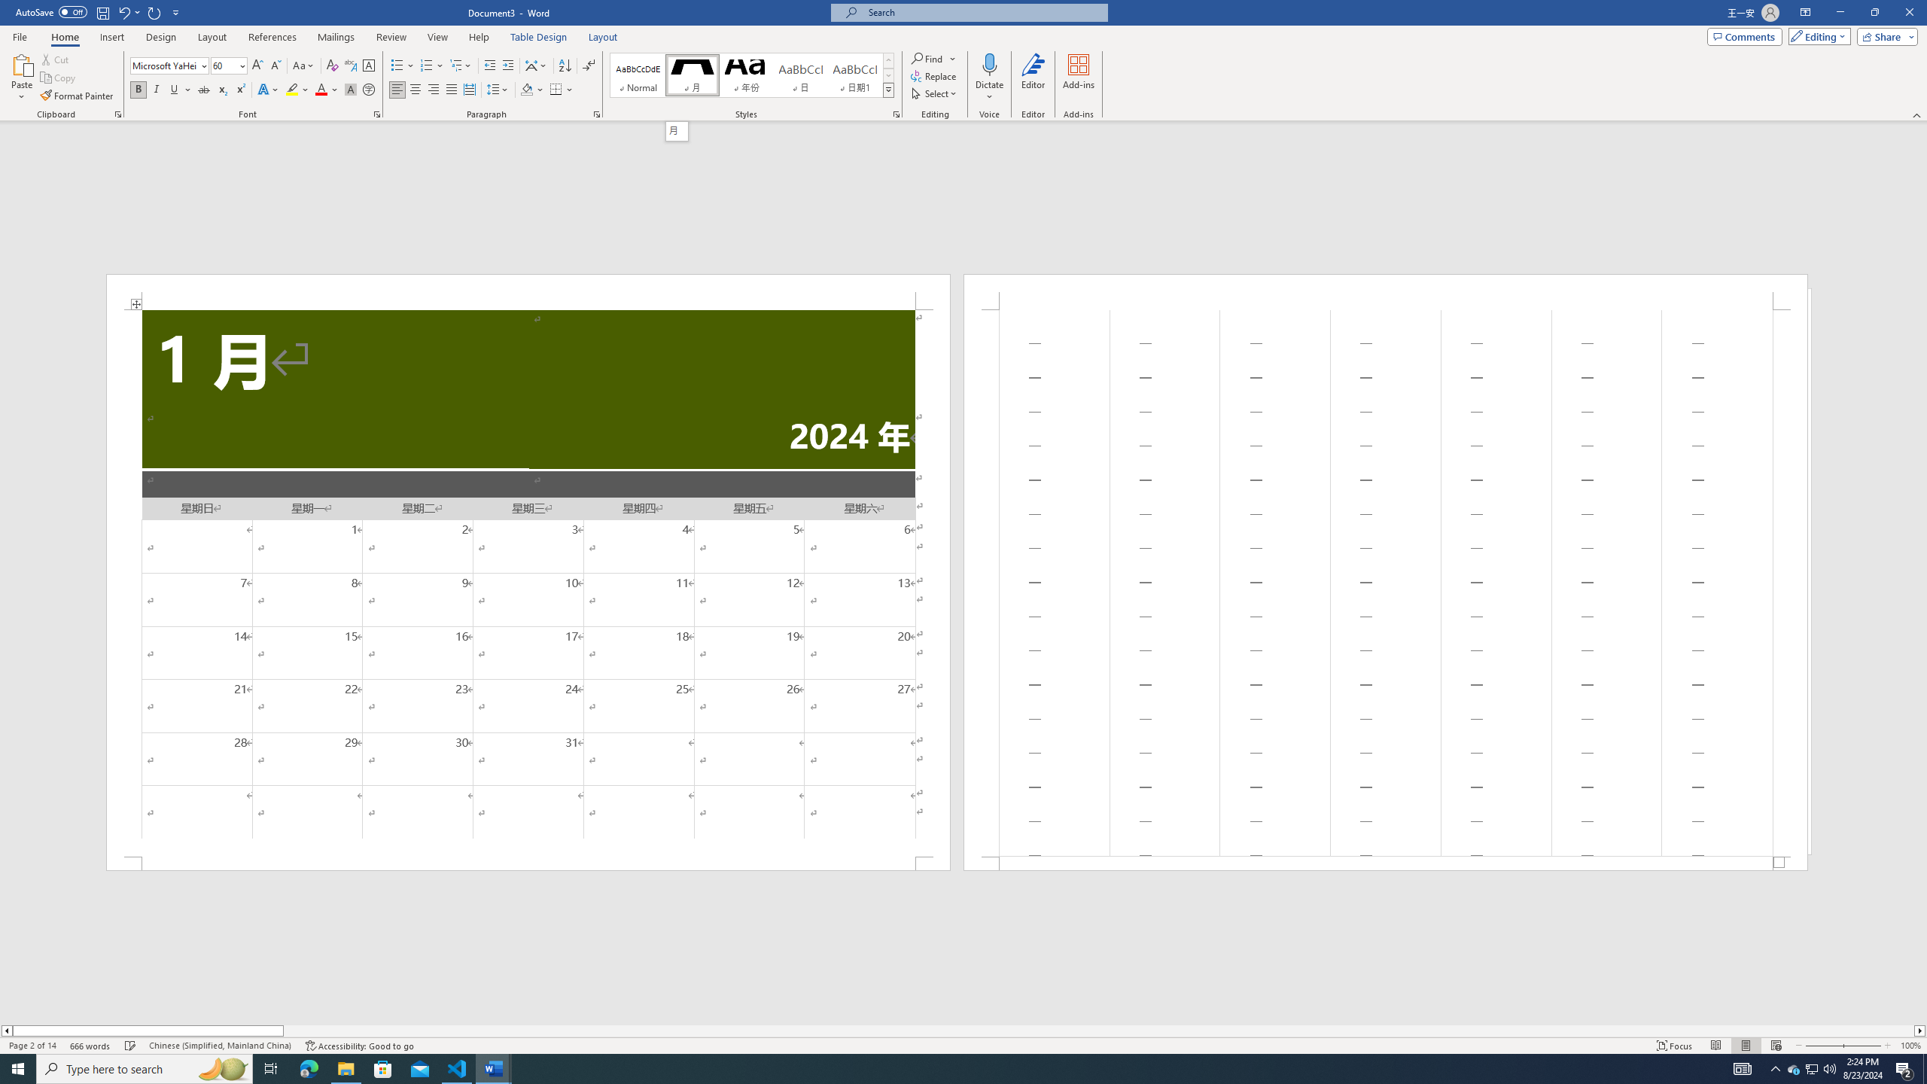  What do you see at coordinates (32, 1046) in the screenshot?
I see `'Page Number Page 2 of 14'` at bounding box center [32, 1046].